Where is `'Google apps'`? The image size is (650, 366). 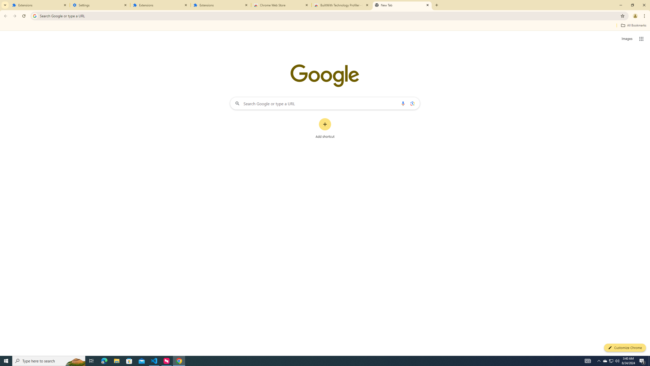 'Google apps' is located at coordinates (641, 39).